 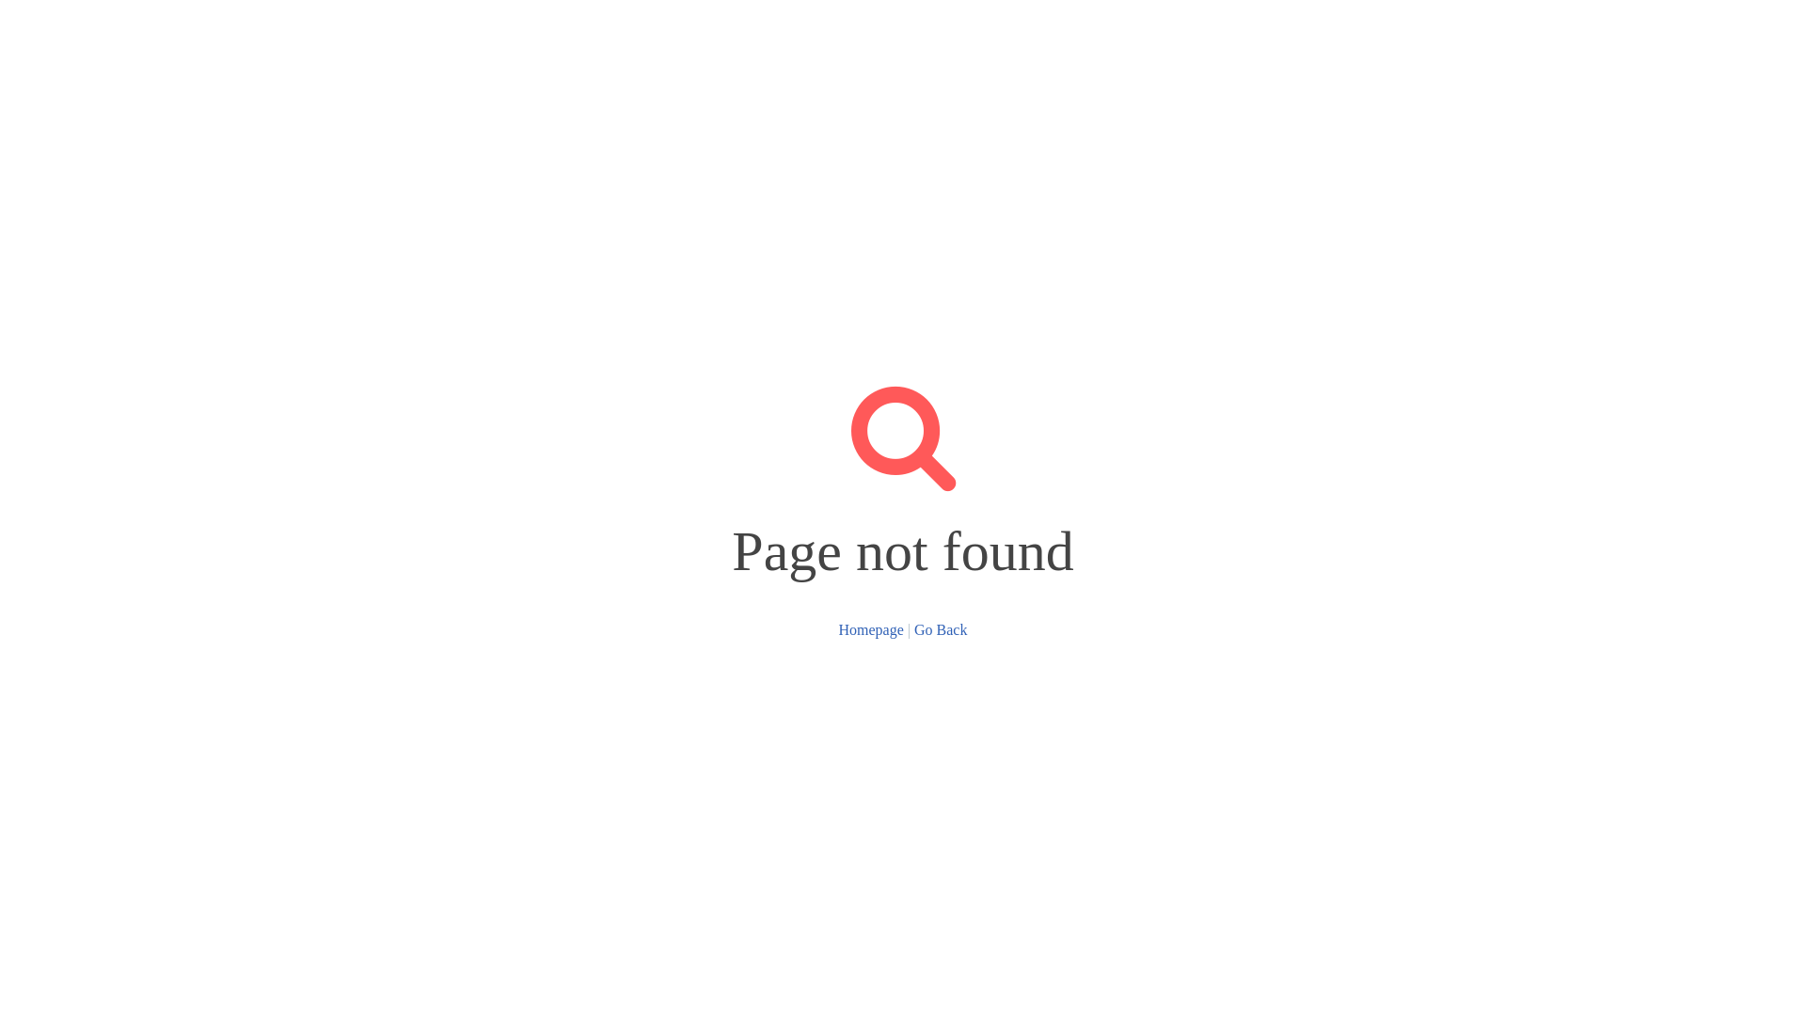 What do you see at coordinates (870, 628) in the screenshot?
I see `'Homepage'` at bounding box center [870, 628].